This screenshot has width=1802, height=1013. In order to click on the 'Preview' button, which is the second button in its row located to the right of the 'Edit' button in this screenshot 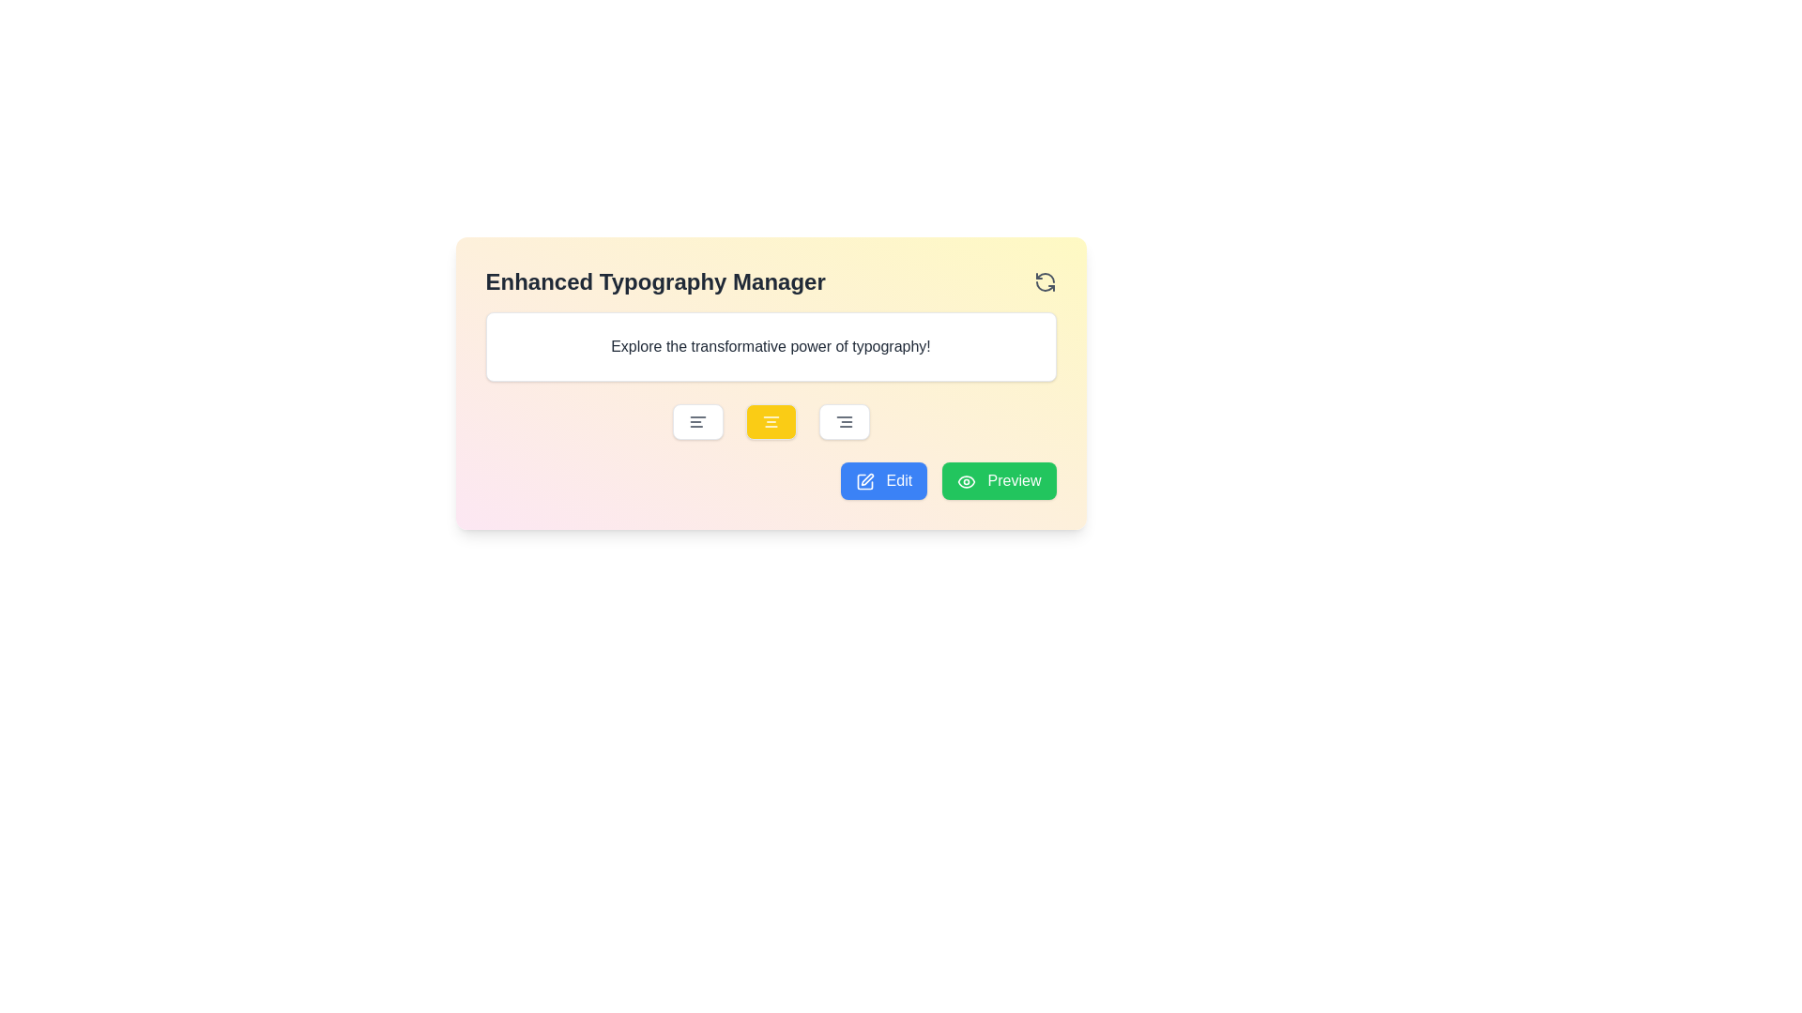, I will do `click(998, 480)`.